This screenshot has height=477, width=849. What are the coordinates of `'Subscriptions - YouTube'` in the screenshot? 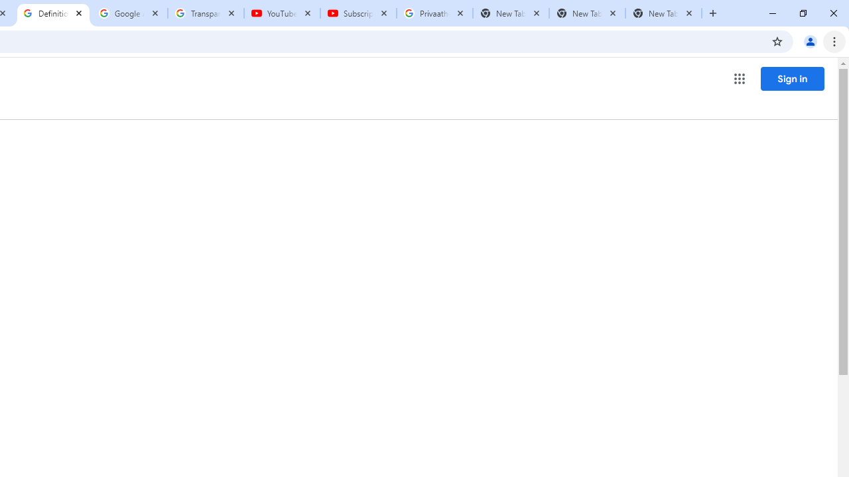 It's located at (358, 13).